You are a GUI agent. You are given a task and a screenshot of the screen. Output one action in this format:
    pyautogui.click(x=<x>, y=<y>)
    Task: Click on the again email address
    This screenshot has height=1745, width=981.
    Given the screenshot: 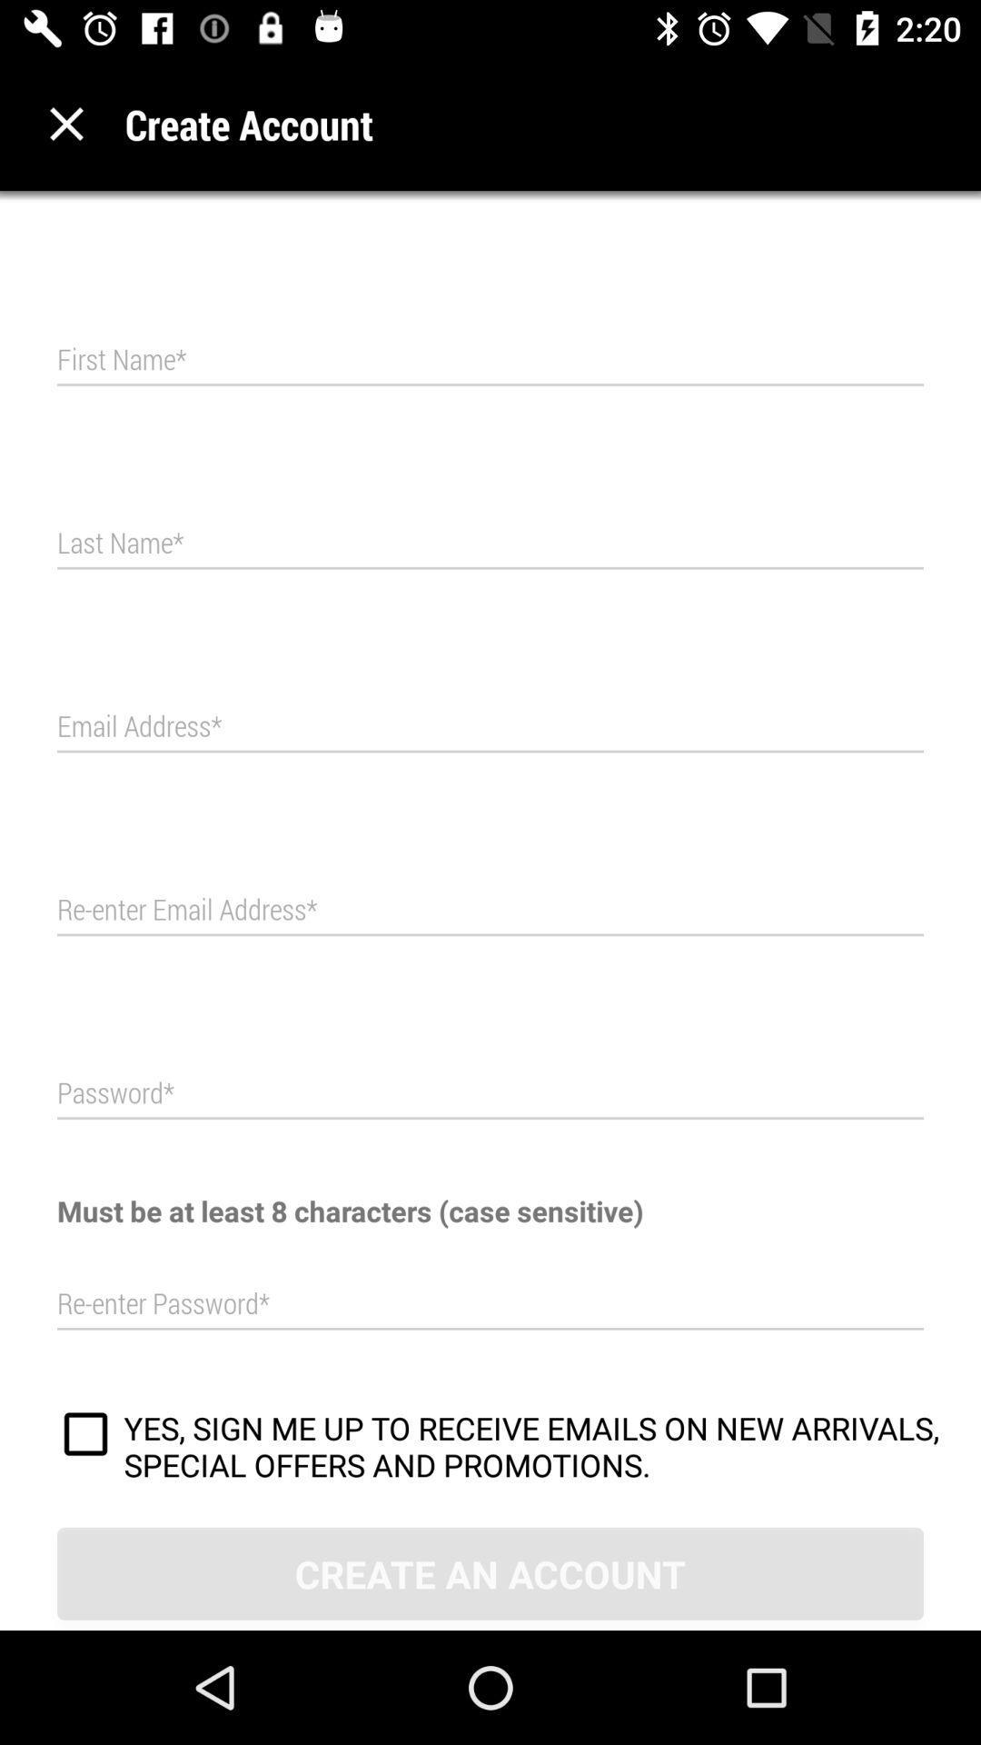 What is the action you would take?
    pyautogui.click(x=490, y=911)
    